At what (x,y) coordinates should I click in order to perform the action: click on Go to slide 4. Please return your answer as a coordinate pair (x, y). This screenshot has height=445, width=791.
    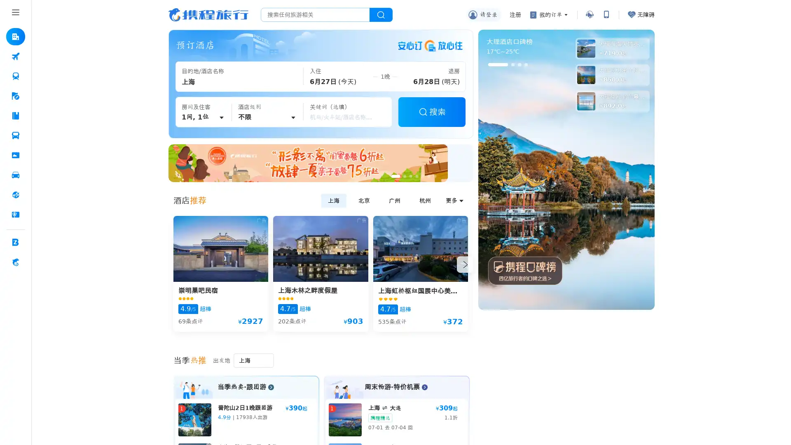
    Looking at the image, I should click on (525, 64).